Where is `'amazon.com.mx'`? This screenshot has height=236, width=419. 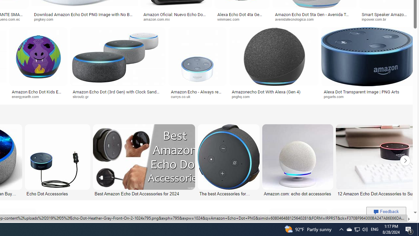 'amazon.com.mx' is located at coordinates (176, 19).